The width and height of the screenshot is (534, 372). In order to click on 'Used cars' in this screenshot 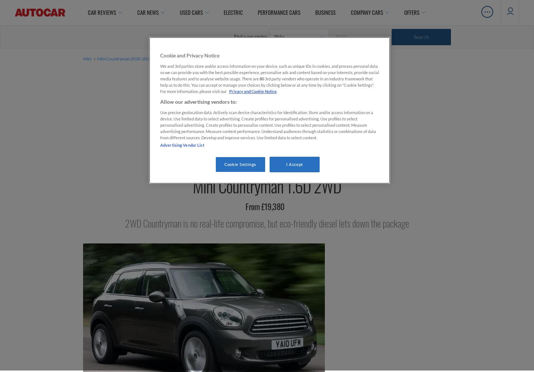, I will do `click(179, 12)`.